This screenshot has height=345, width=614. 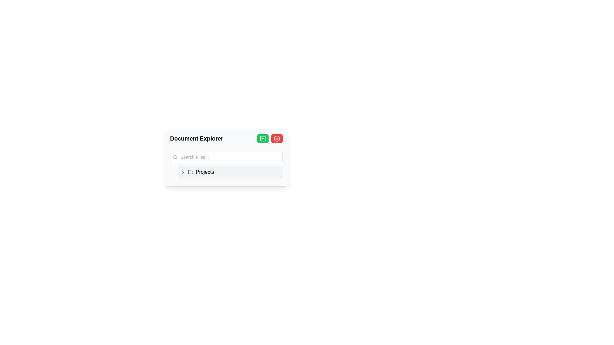 What do you see at coordinates (175, 157) in the screenshot?
I see `the circular search icon within the SVG that represents the search function, located to the left of the 'Search Files...' input box` at bounding box center [175, 157].